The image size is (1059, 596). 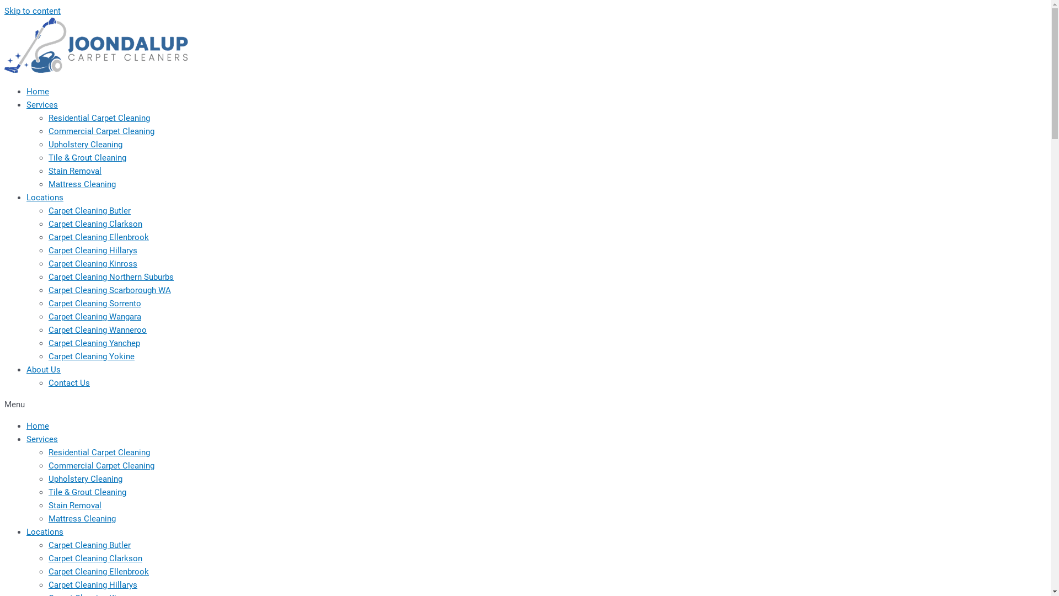 I want to click on 'Home', so click(x=26, y=91).